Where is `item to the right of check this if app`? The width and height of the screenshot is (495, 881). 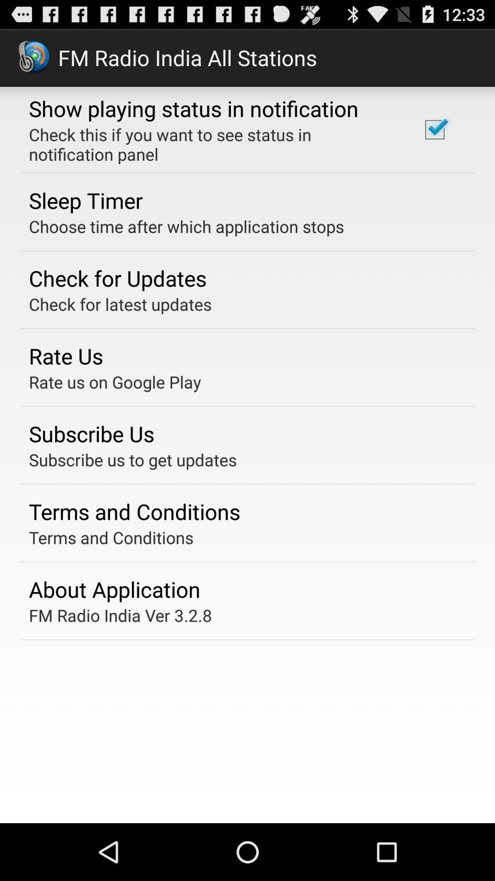
item to the right of check this if app is located at coordinates (434, 129).